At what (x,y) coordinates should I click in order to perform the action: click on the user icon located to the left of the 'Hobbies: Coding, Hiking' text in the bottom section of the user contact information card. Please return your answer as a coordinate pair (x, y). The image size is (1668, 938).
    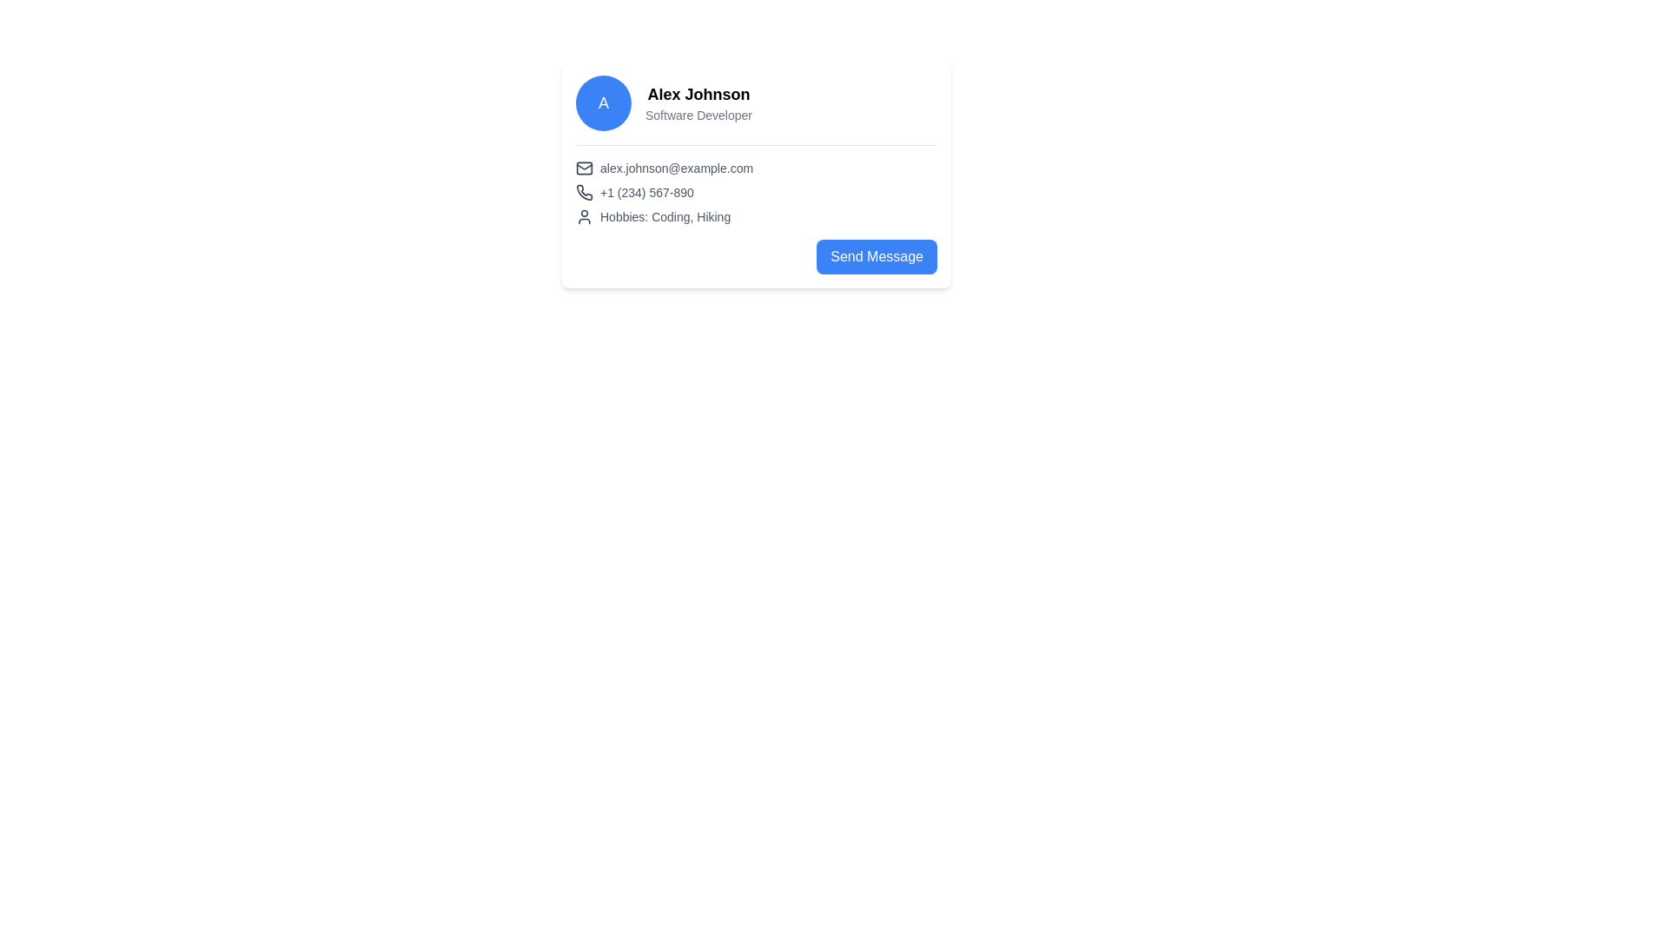
    Looking at the image, I should click on (584, 216).